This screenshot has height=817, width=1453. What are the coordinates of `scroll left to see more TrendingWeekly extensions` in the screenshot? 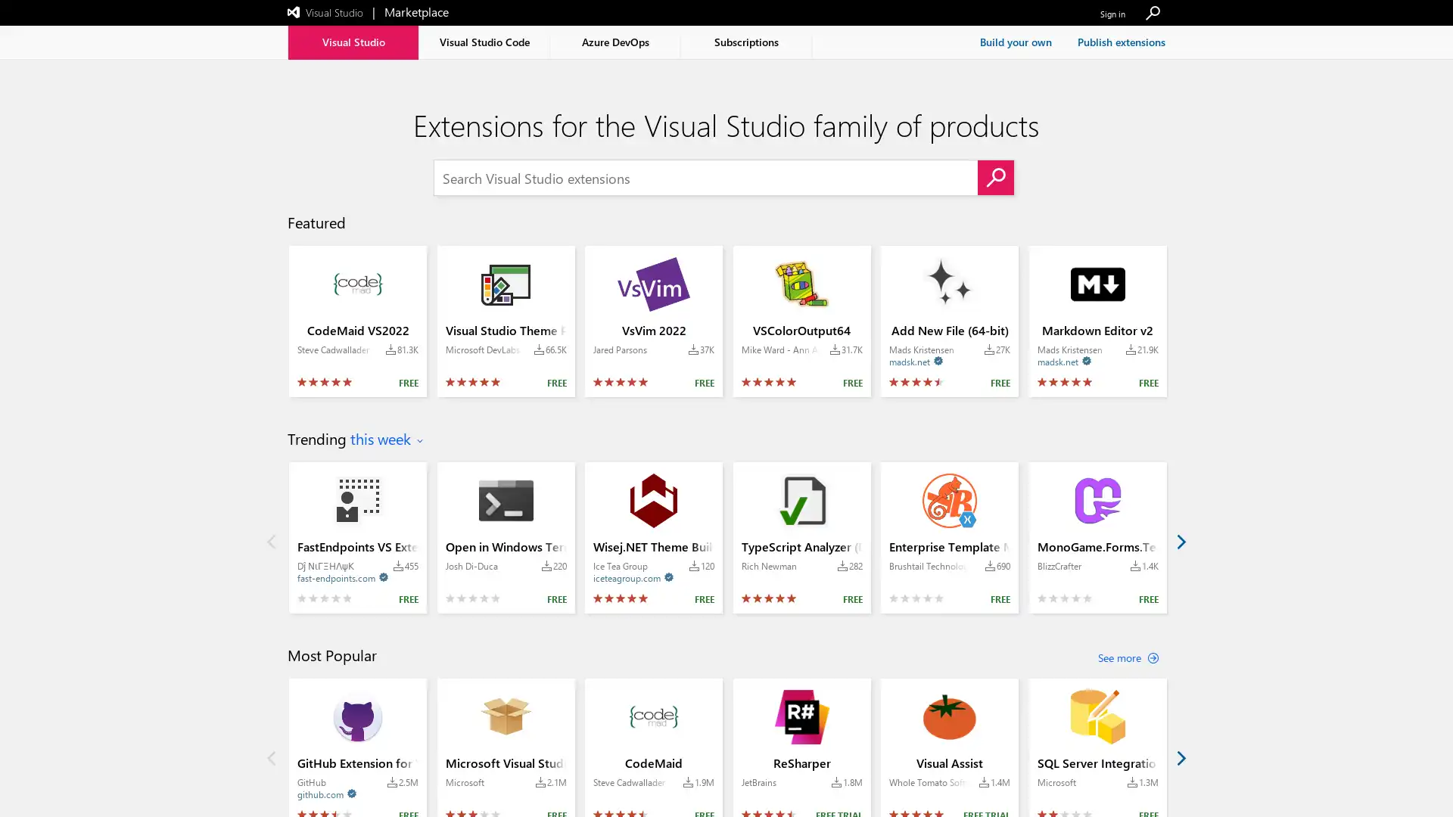 It's located at (272, 539).